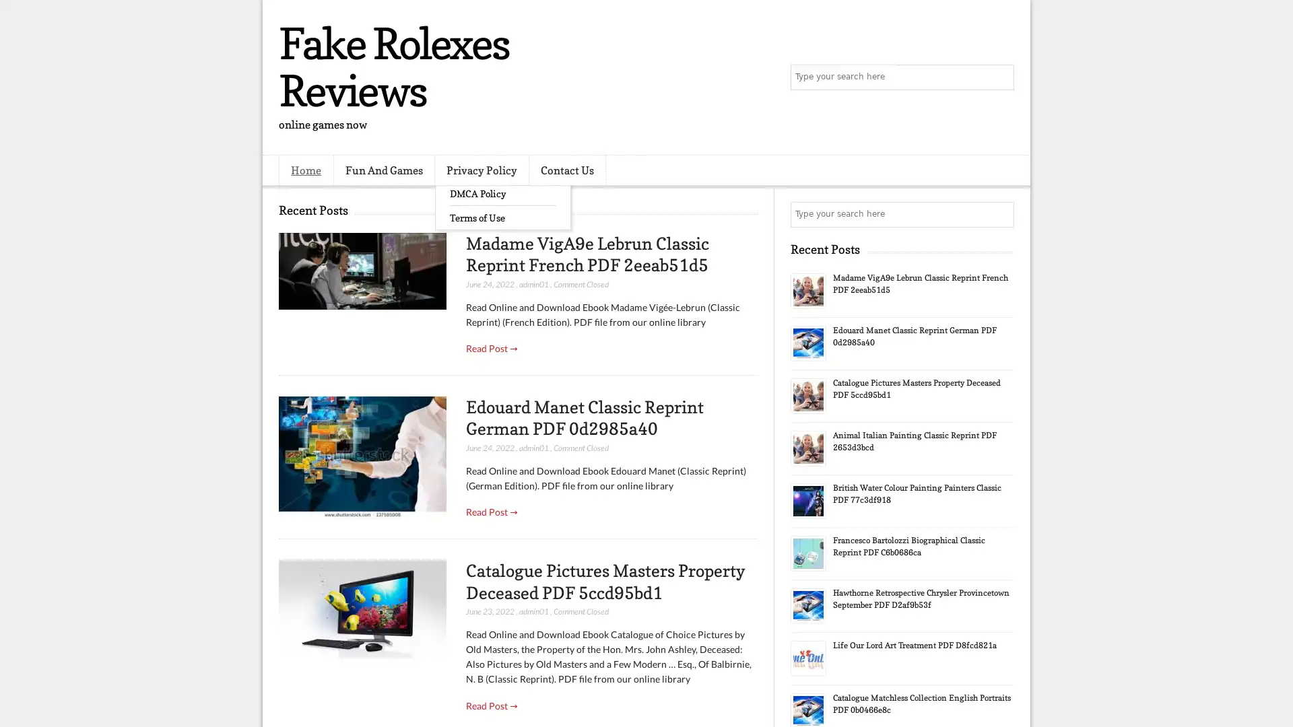  I want to click on Search, so click(1000, 77).